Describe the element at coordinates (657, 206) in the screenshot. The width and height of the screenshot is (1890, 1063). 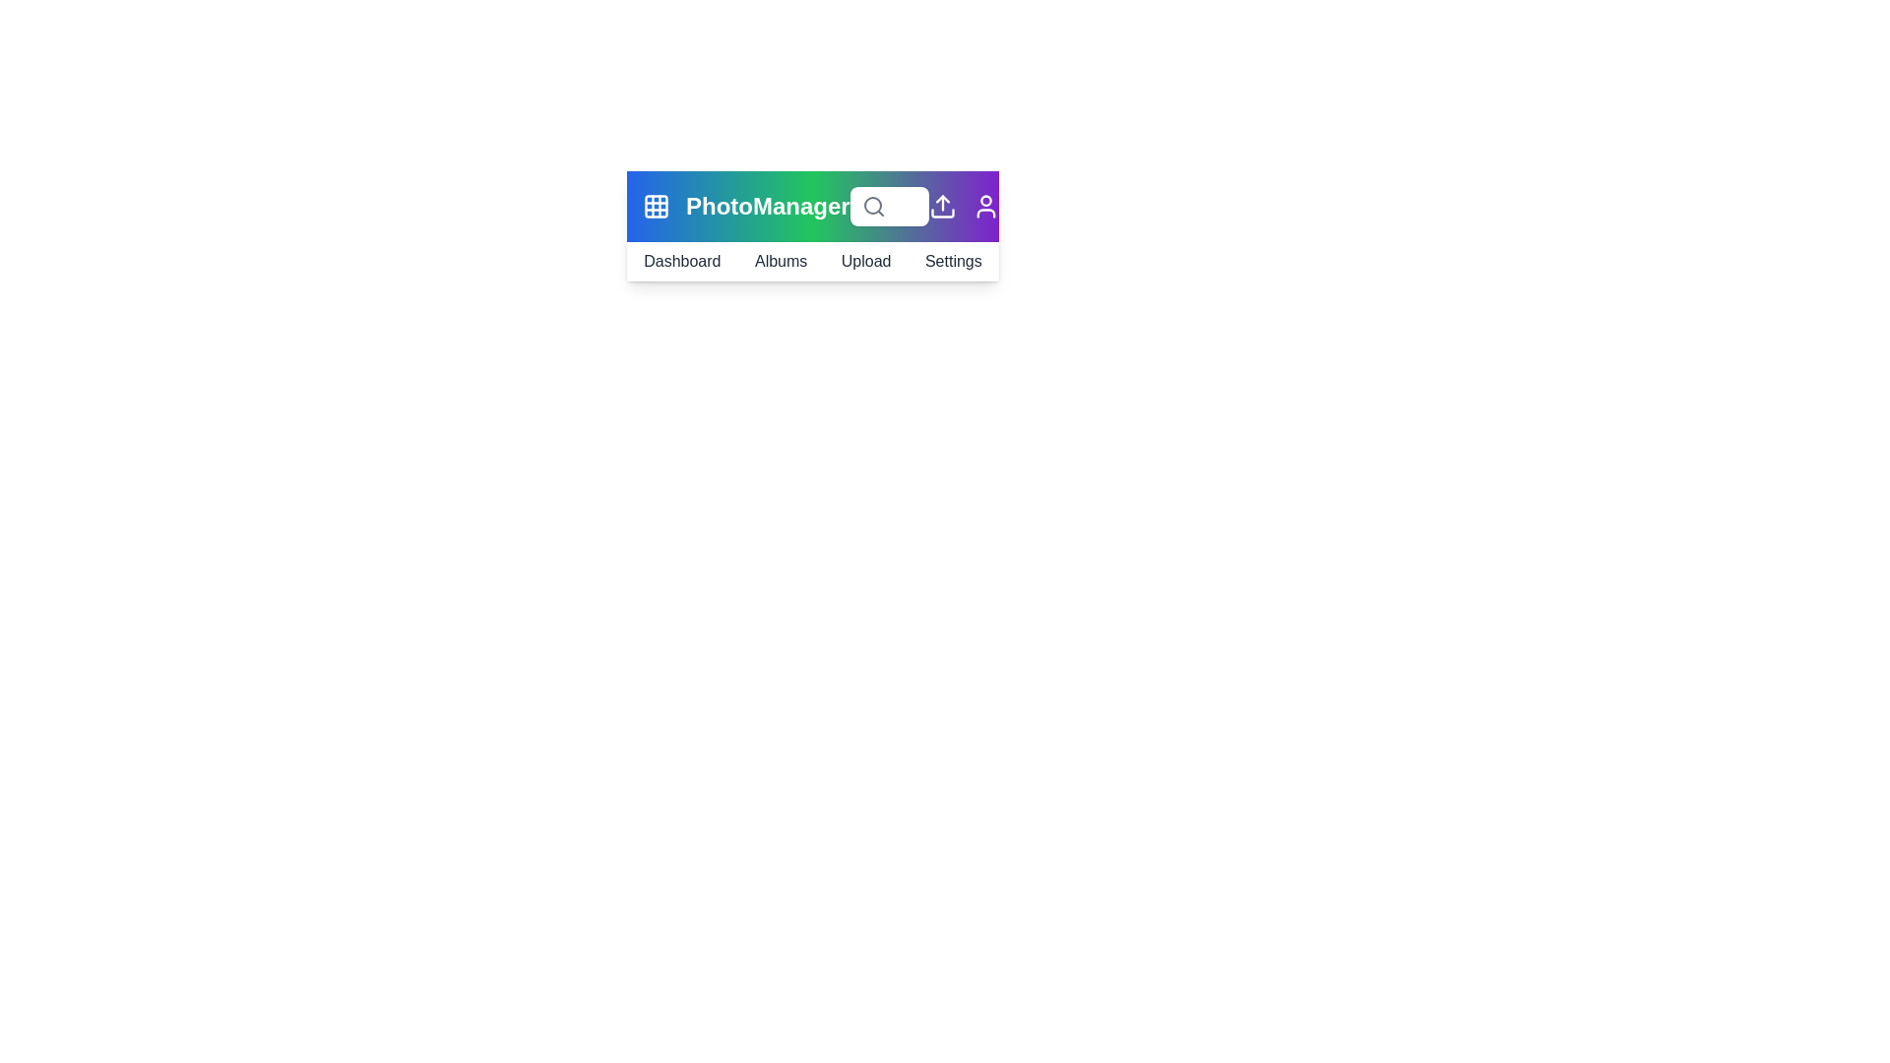
I see `the grid icon to open the menu` at that location.